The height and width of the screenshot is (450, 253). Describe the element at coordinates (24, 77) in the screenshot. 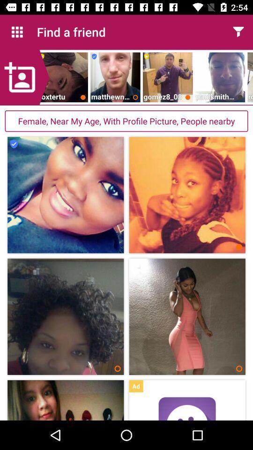

I see `item above female near my icon` at that location.